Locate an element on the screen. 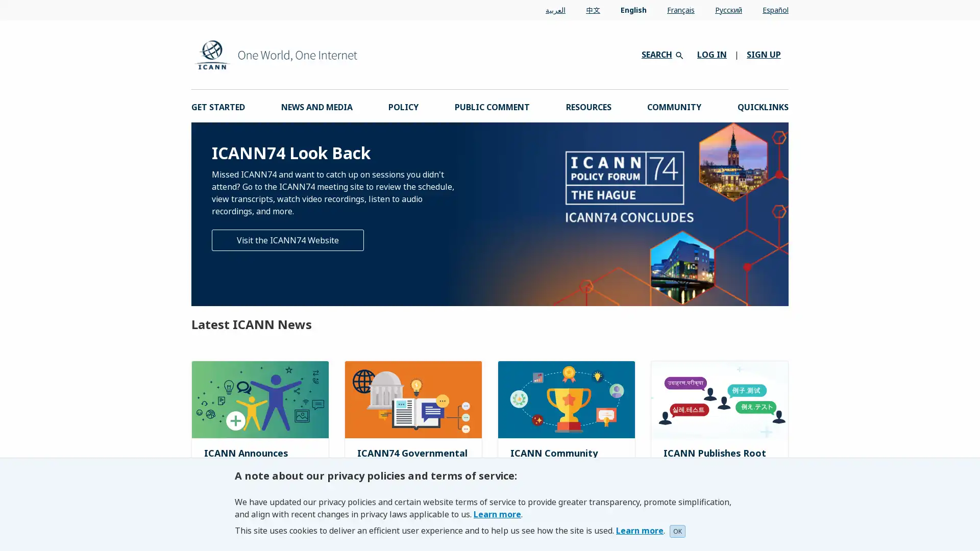 This screenshot has height=551, width=980. QUICKLINKS is located at coordinates (762, 106).